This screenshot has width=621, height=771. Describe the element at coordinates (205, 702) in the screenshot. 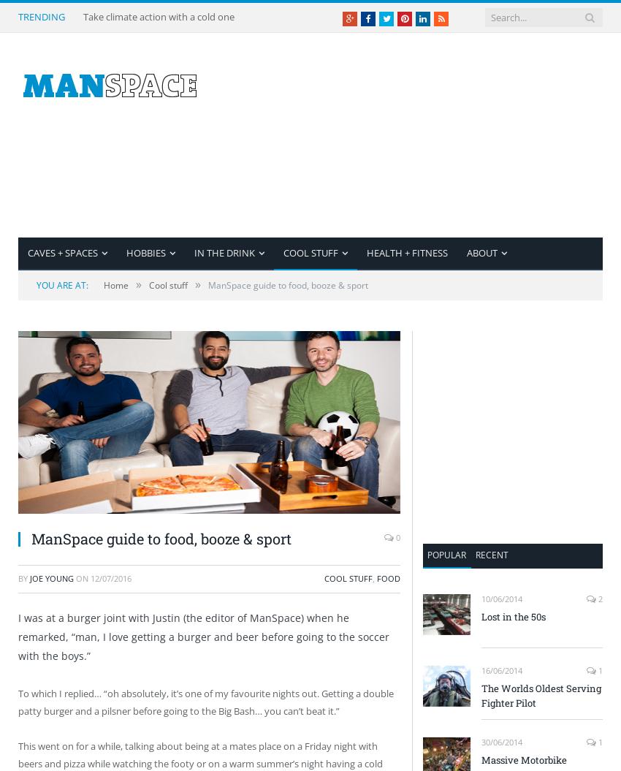

I see `'To which I replied… “oh absolutely, it’s one of my favourite nights out. Getting a double patty burger and a pilsner before going to the Big Bash… you can’t beat it.”'` at that location.